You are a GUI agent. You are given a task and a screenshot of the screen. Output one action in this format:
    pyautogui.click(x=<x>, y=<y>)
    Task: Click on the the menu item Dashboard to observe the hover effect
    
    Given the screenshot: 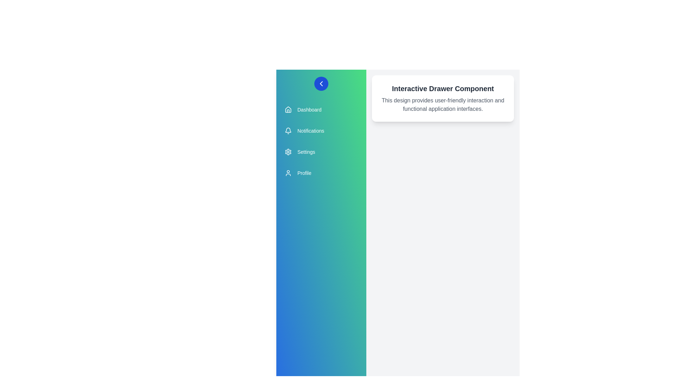 What is the action you would take?
    pyautogui.click(x=321, y=110)
    